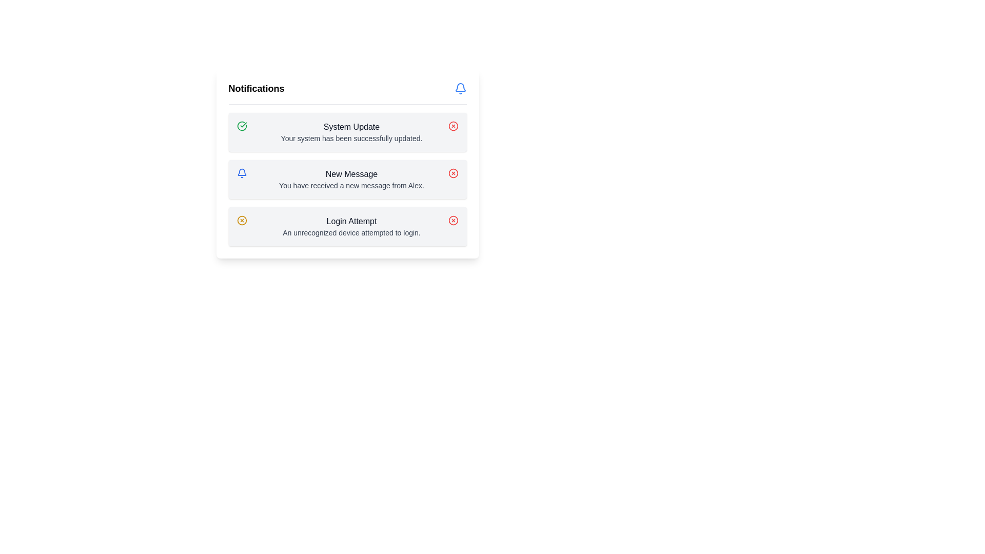 This screenshot has width=985, height=554. Describe the element at coordinates (452, 126) in the screenshot. I see `the SVG Circle element located in the topmost notification card labeled 'System Update', which is positioned` at that location.